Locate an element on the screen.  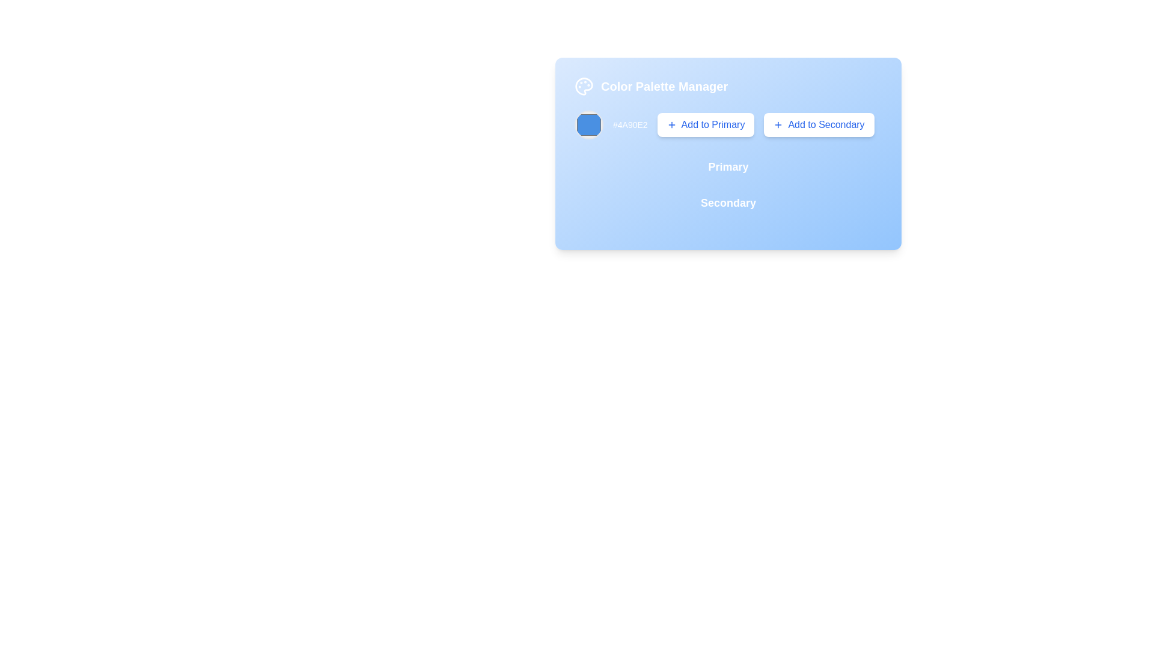
the main body of the palette icon represented by the SVG shape, which is a non-interactive decorative component in the Color Palette Manager interface is located at coordinates (584, 85).